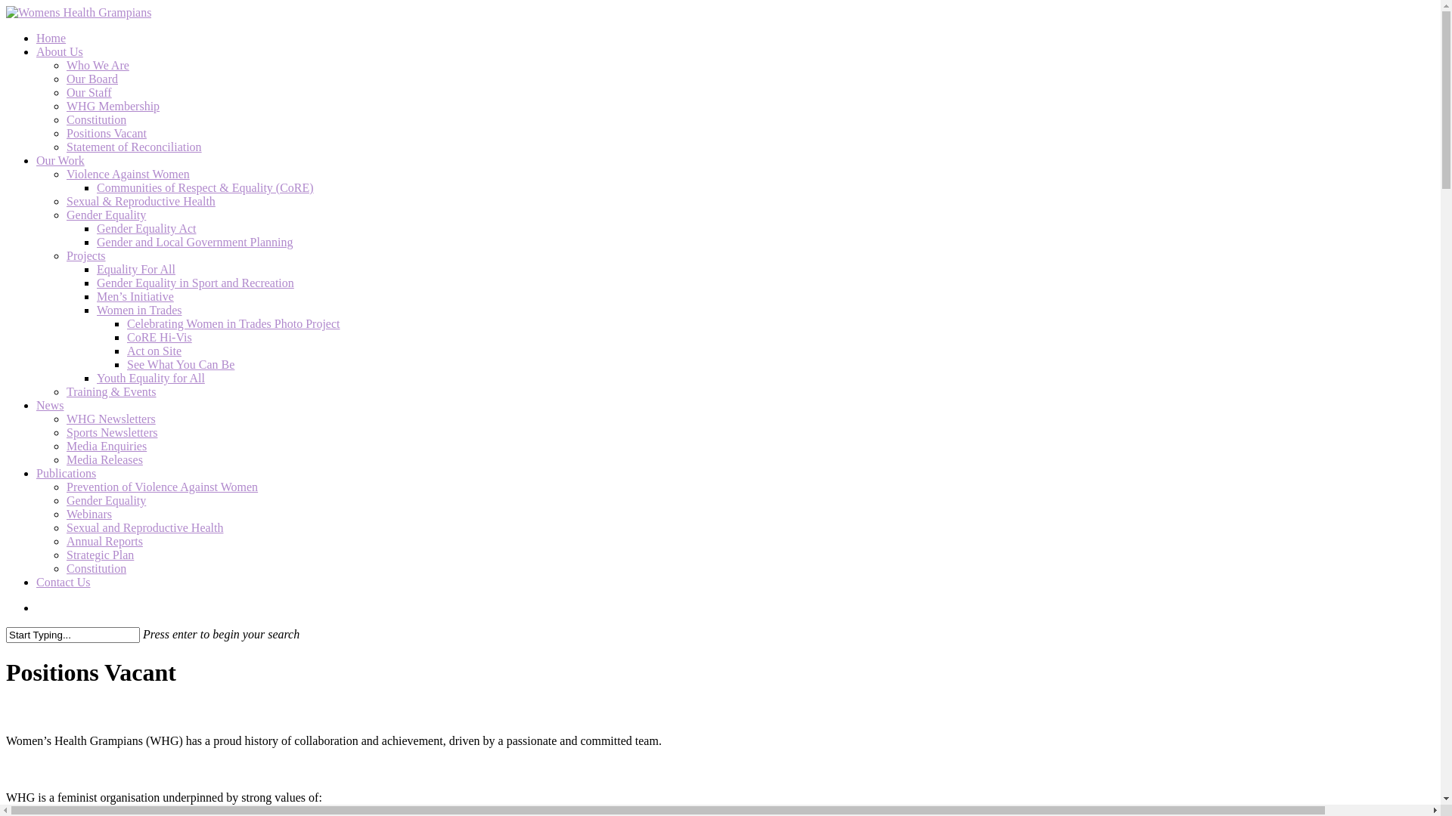 The image size is (1452, 816). What do you see at coordinates (146, 228) in the screenshot?
I see `'Gender Equality Act'` at bounding box center [146, 228].